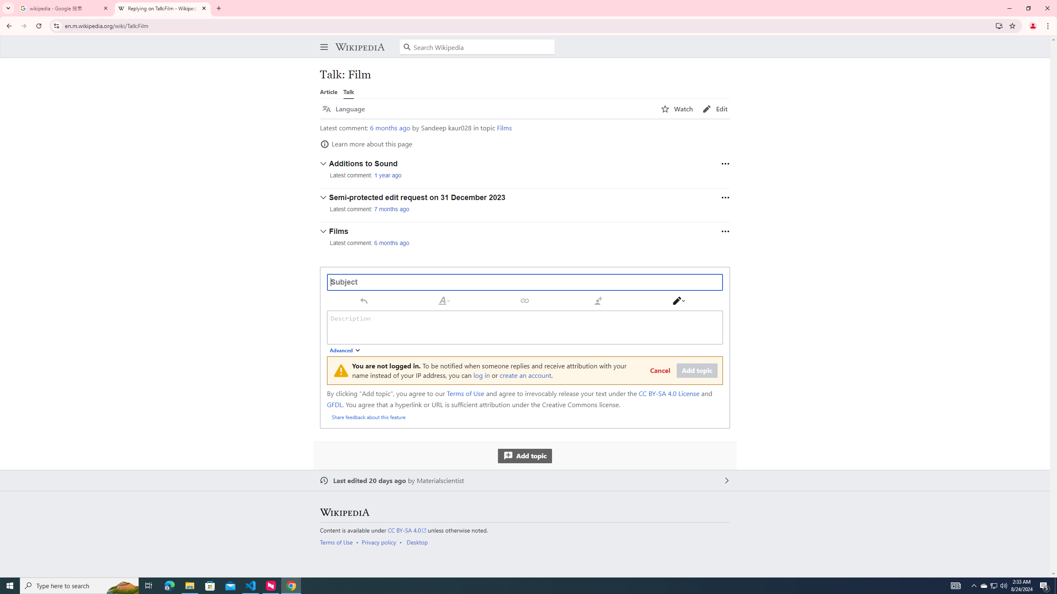  Describe the element at coordinates (678, 300) in the screenshot. I see `'Switch editor'` at that location.